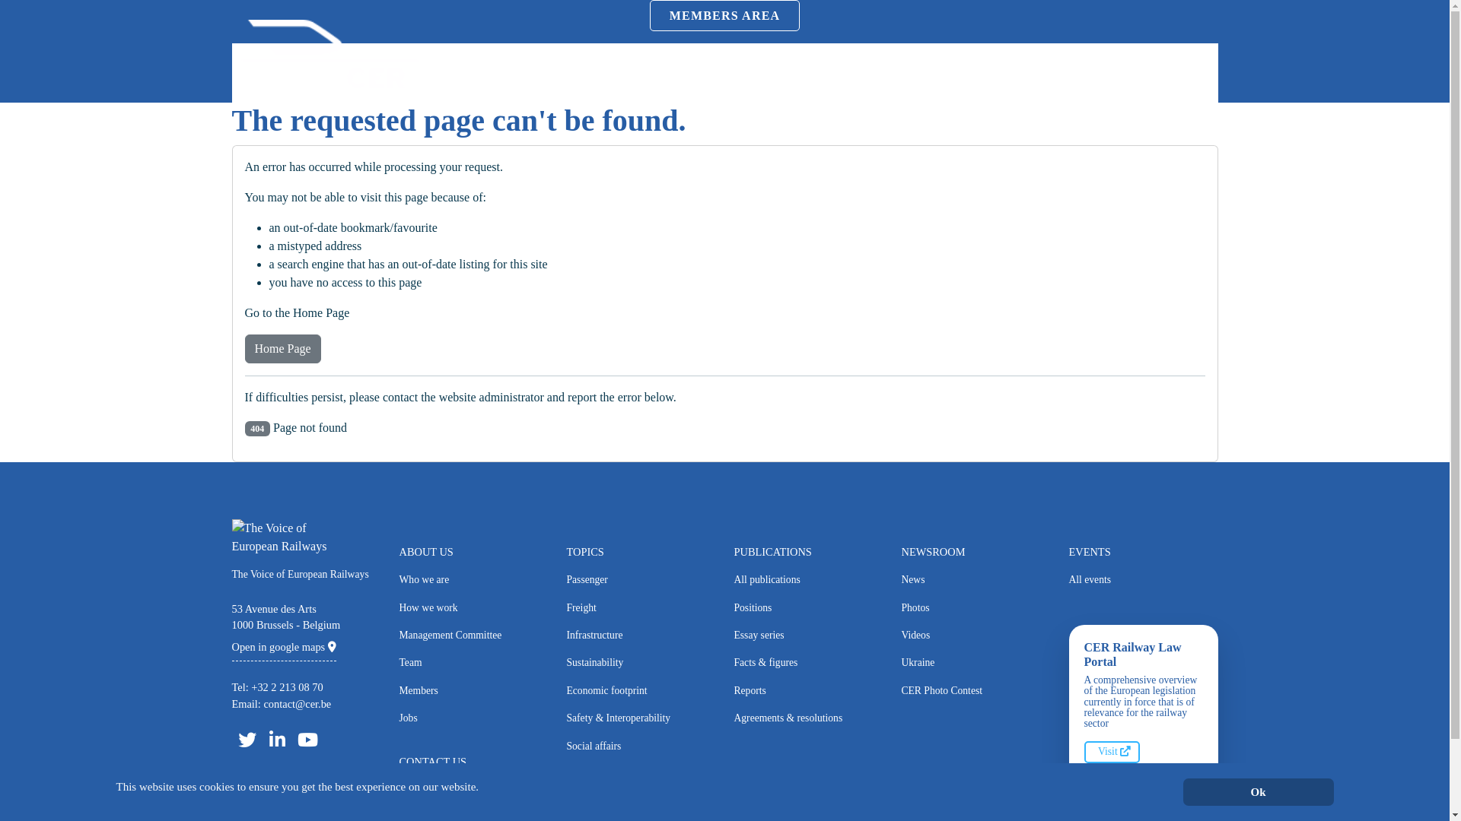 The image size is (1461, 821). What do you see at coordinates (473, 718) in the screenshot?
I see `'Jobs'` at bounding box center [473, 718].